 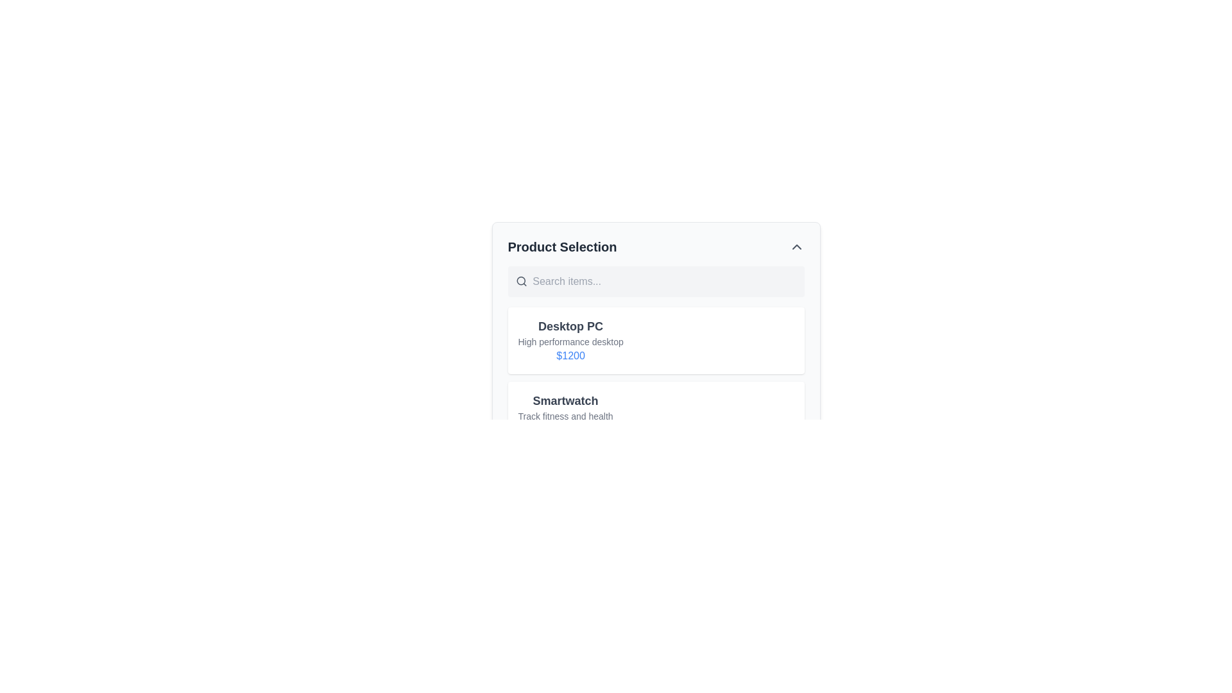 What do you see at coordinates (565, 415) in the screenshot?
I see `the second product listing card` at bounding box center [565, 415].